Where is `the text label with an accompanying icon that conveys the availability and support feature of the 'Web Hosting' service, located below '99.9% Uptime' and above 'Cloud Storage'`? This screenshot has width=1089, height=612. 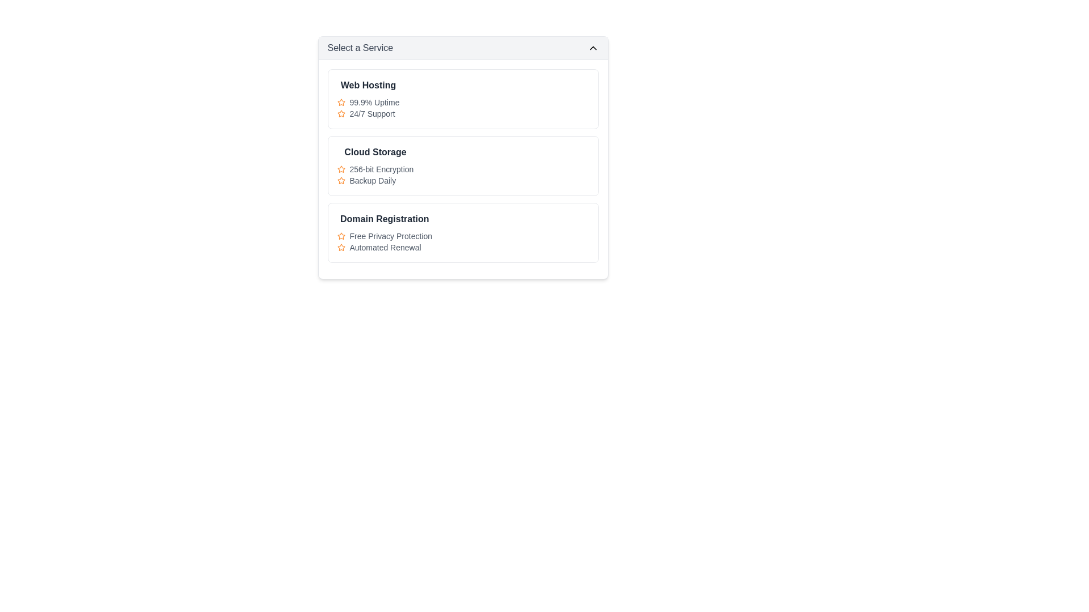 the text label with an accompanying icon that conveys the availability and support feature of the 'Web Hosting' service, located below '99.9% Uptime' and above 'Cloud Storage' is located at coordinates (368, 113).